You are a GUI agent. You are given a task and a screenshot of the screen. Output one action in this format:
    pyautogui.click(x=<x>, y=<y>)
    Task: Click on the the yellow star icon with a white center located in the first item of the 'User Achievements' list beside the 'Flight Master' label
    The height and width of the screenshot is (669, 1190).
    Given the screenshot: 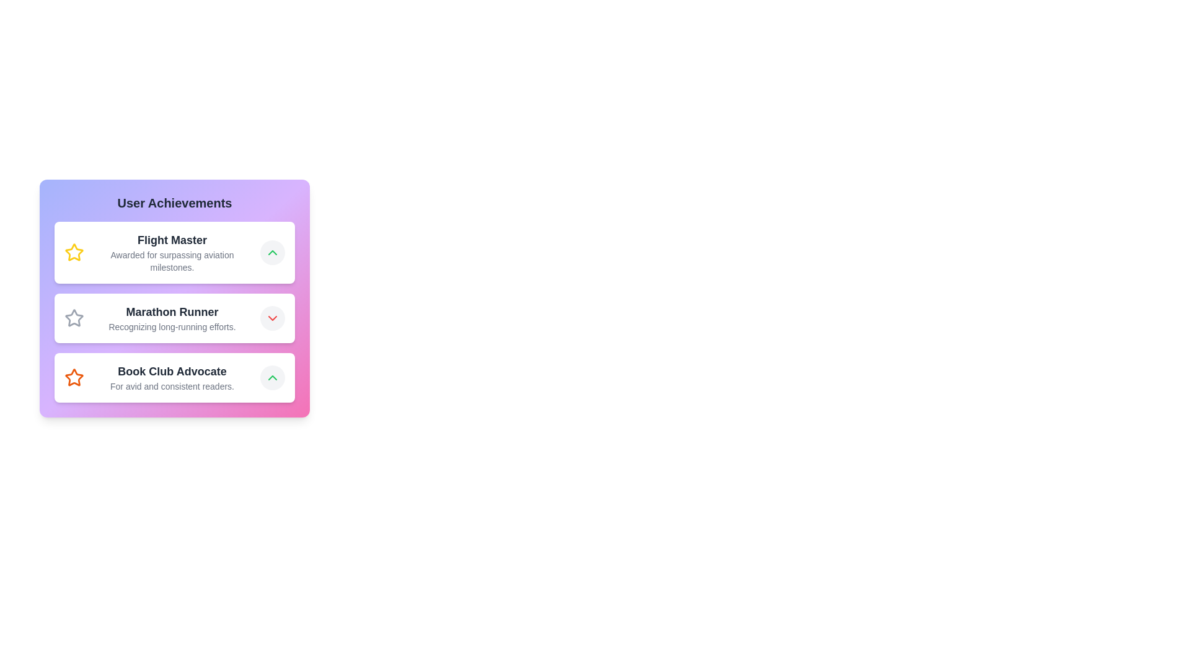 What is the action you would take?
    pyautogui.click(x=74, y=251)
    